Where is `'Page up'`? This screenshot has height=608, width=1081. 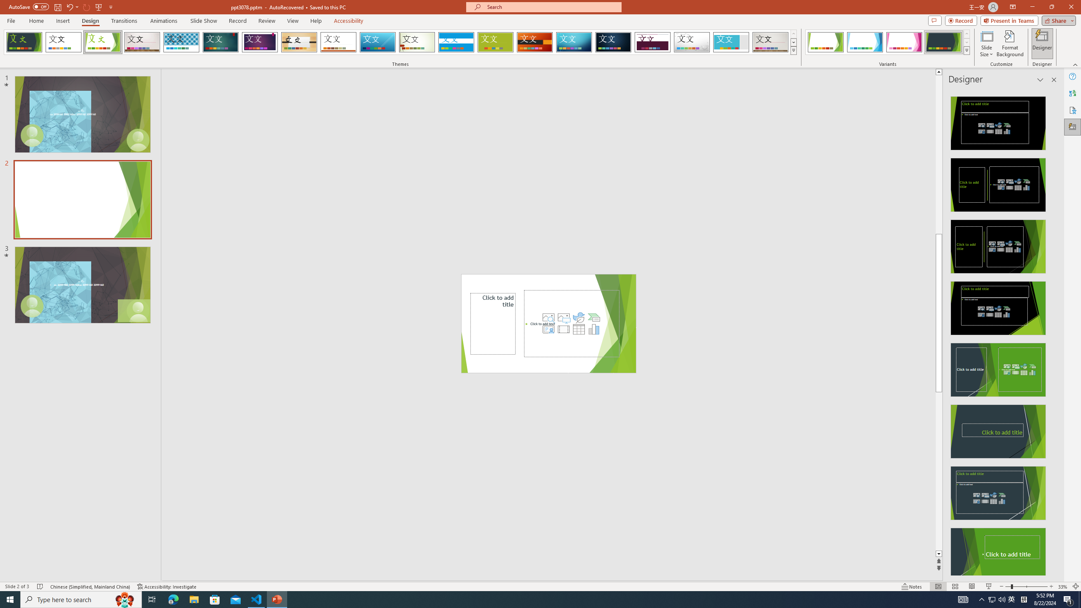
'Page up' is located at coordinates (938, 154).